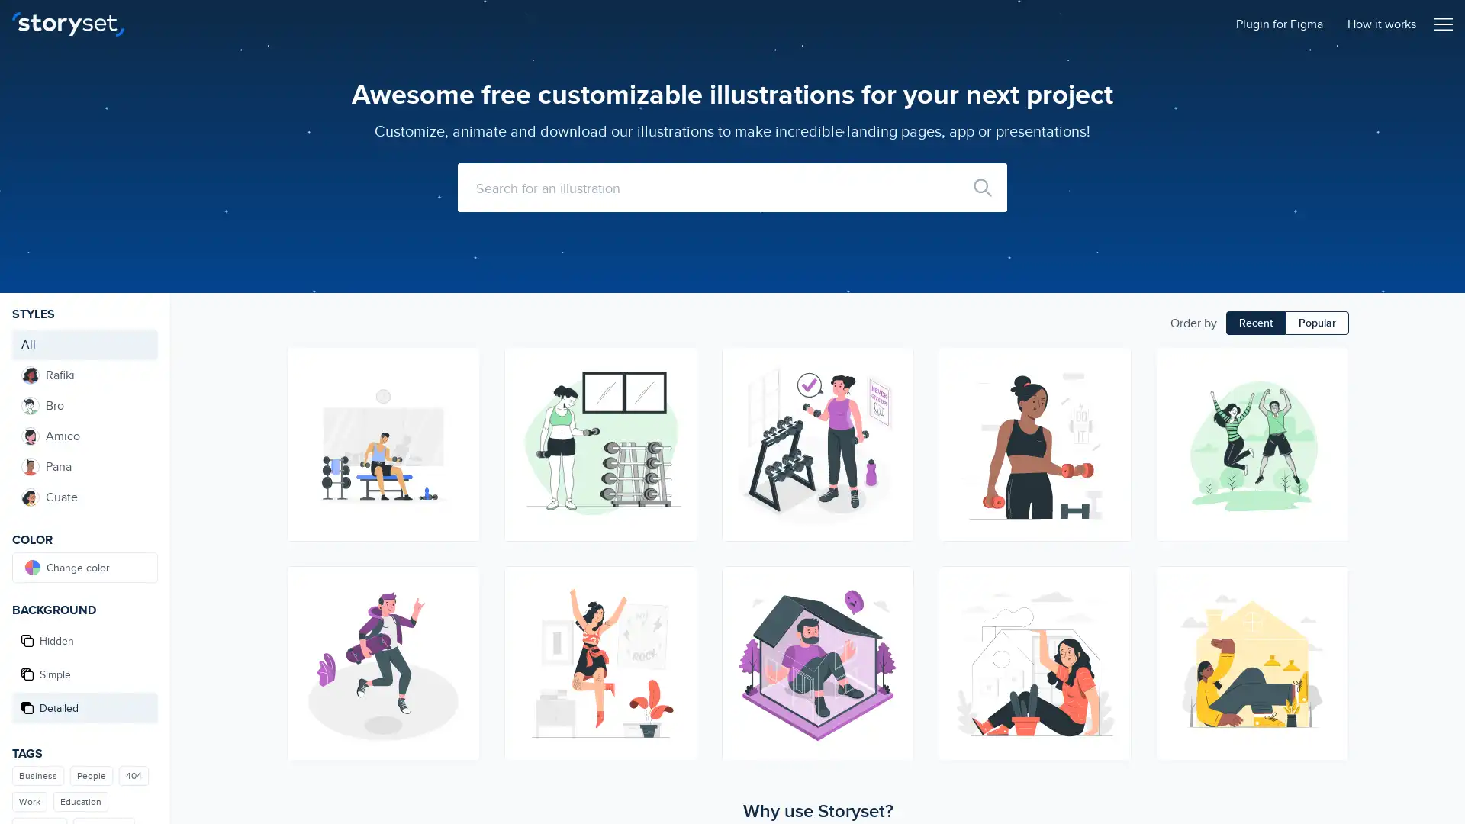  What do you see at coordinates (894, 365) in the screenshot?
I see `wand icon Animate` at bounding box center [894, 365].